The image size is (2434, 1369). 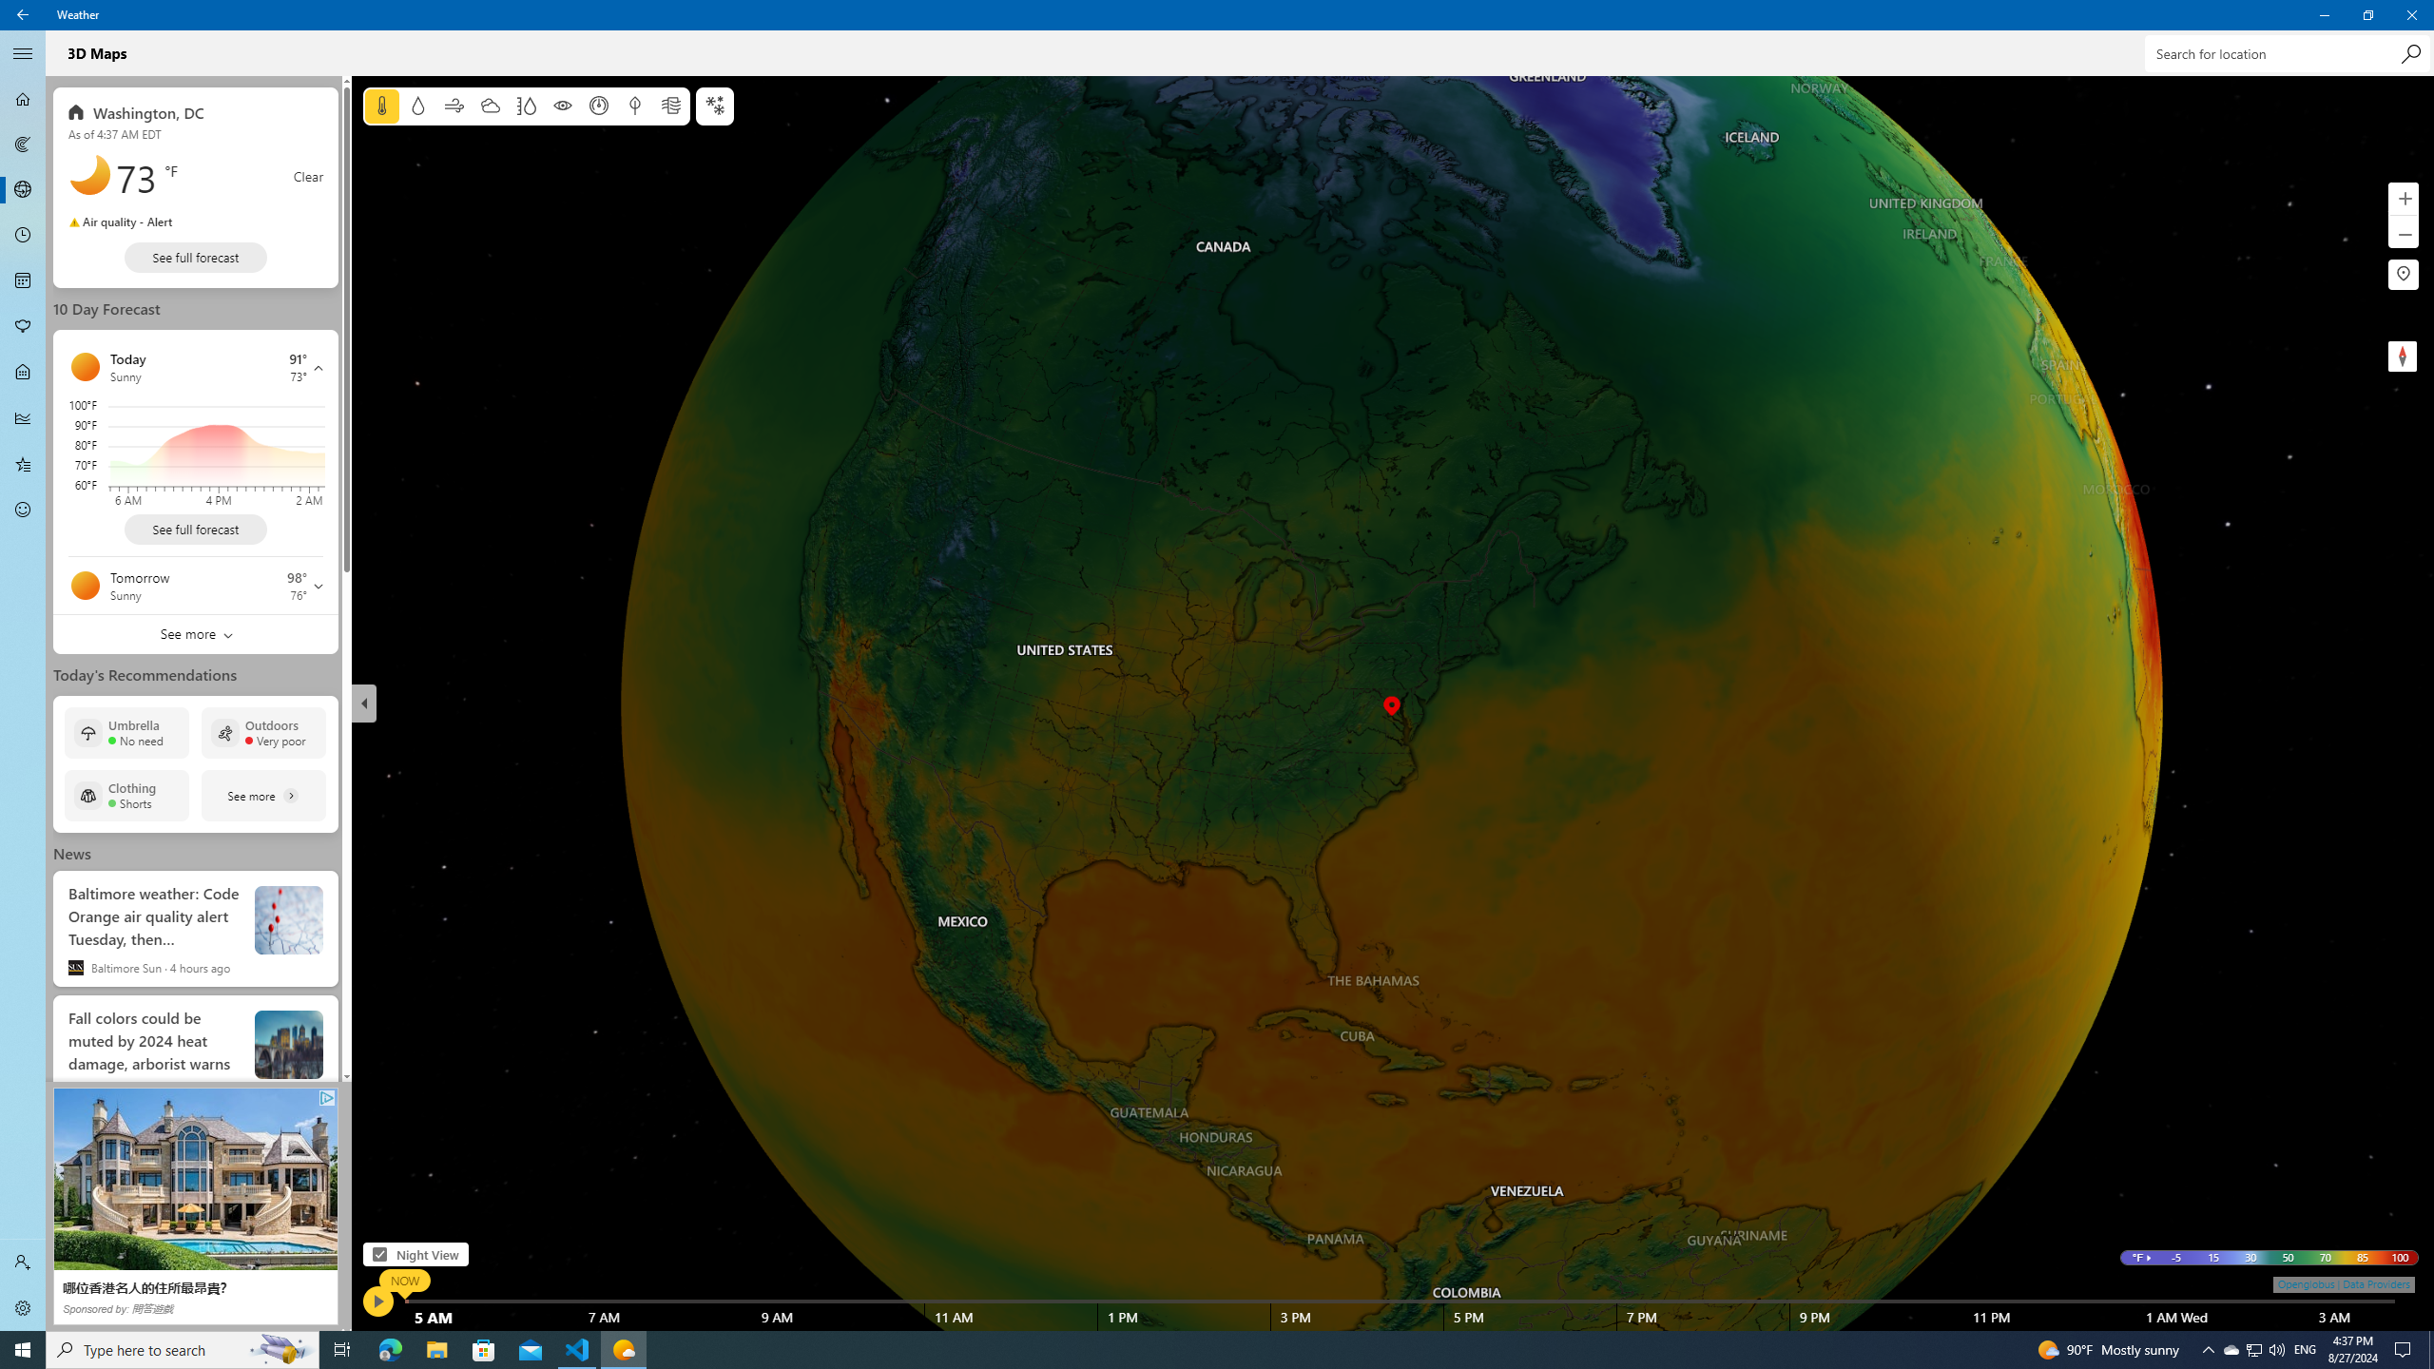 What do you see at coordinates (23, 14) in the screenshot?
I see `'Back'` at bounding box center [23, 14].